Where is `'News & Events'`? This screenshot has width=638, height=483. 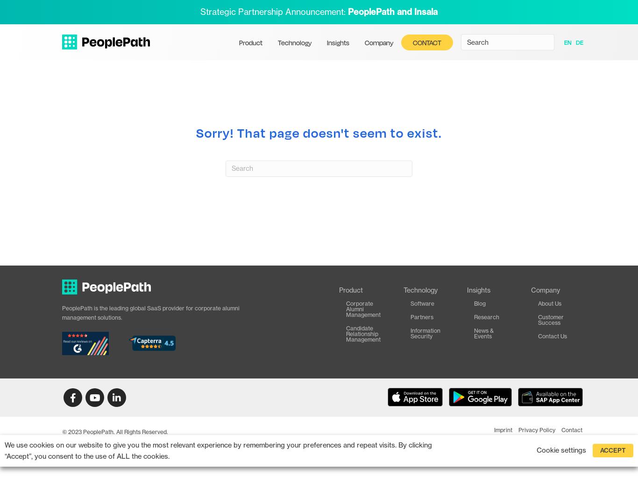
'News & Events' is located at coordinates (483, 332).